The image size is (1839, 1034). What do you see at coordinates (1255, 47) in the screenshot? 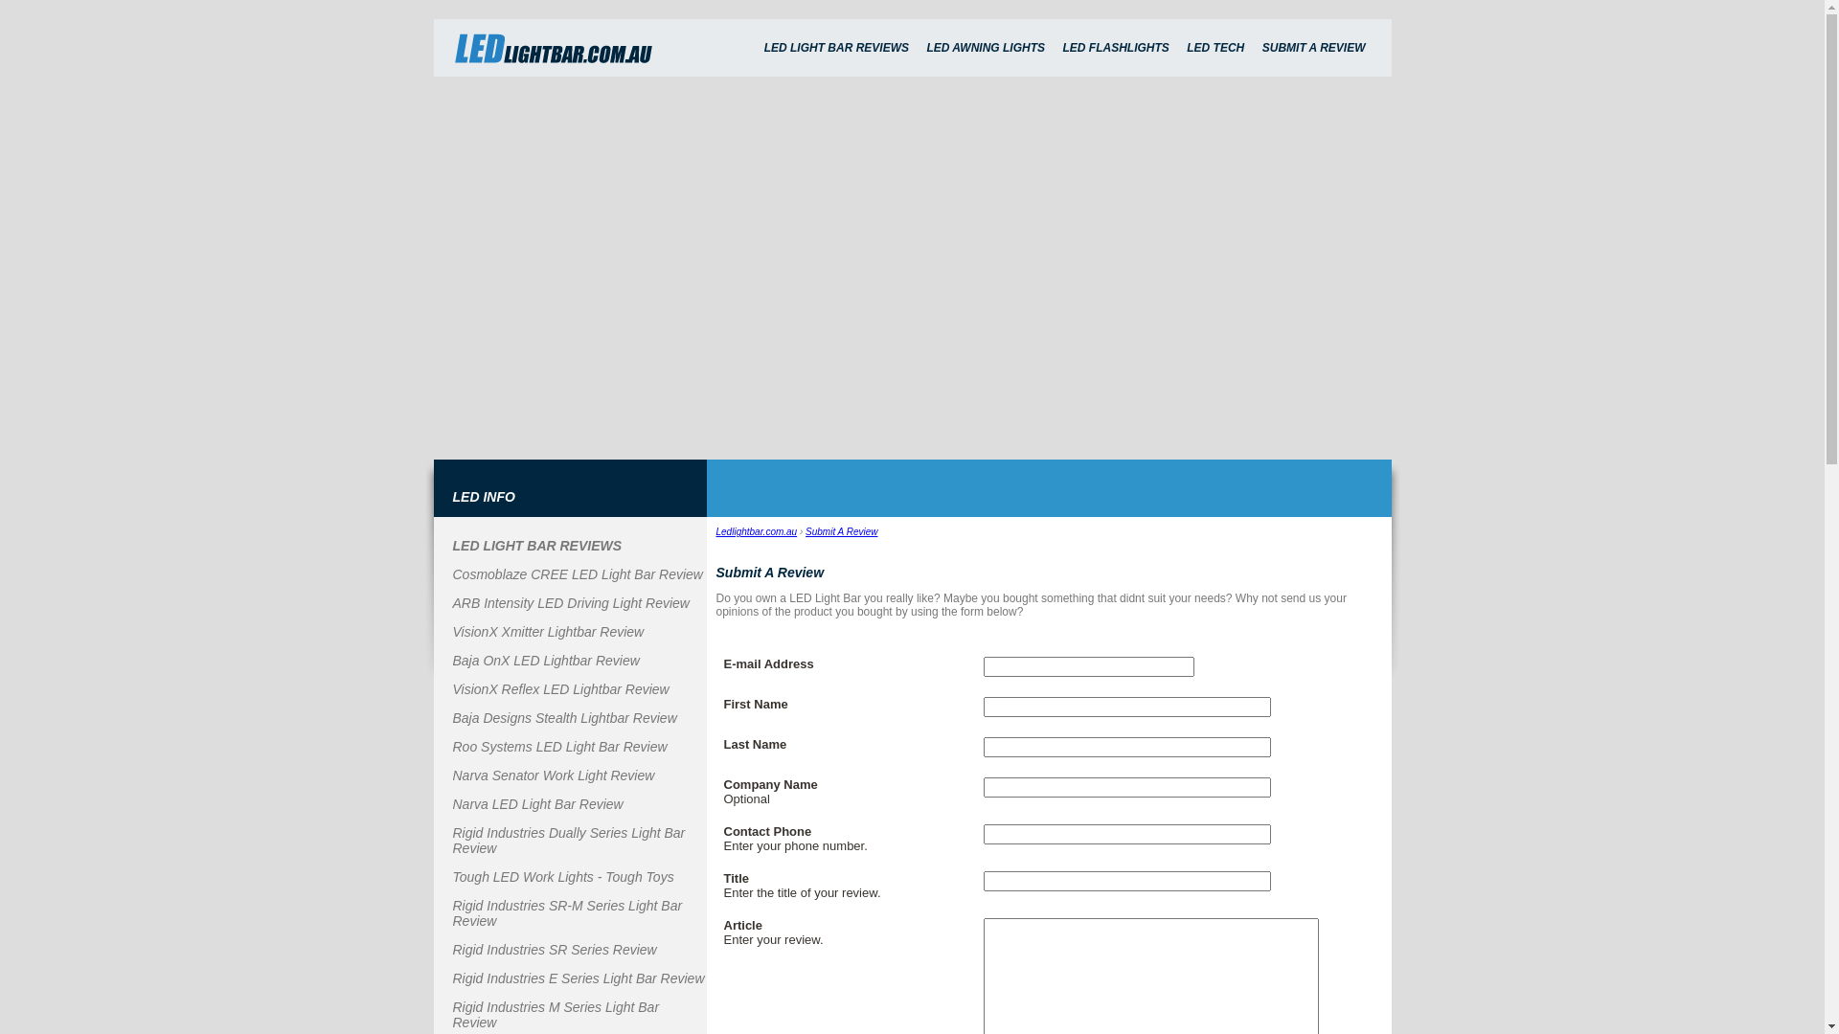
I see `'SUBMIT A REVIEW'` at bounding box center [1255, 47].